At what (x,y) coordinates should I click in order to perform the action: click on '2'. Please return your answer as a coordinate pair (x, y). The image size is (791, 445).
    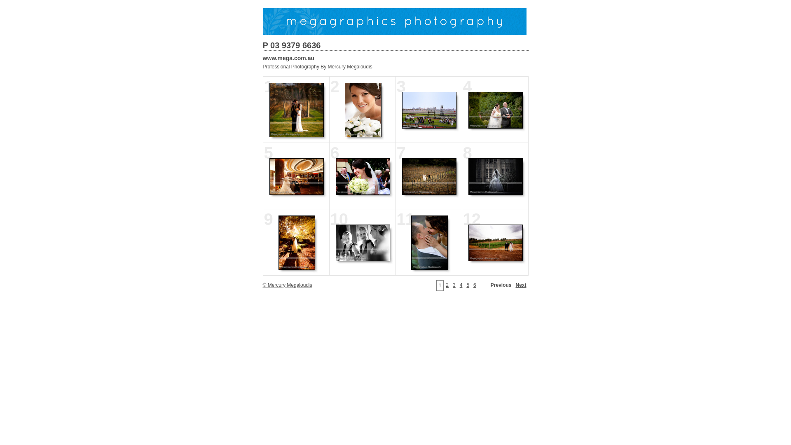
    Looking at the image, I should click on (362, 109).